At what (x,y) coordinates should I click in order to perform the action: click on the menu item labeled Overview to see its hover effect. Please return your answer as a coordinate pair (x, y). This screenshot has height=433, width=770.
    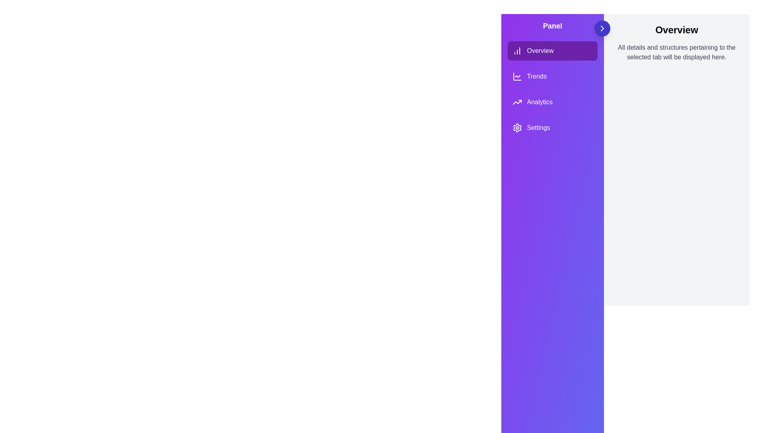
    Looking at the image, I should click on (552, 51).